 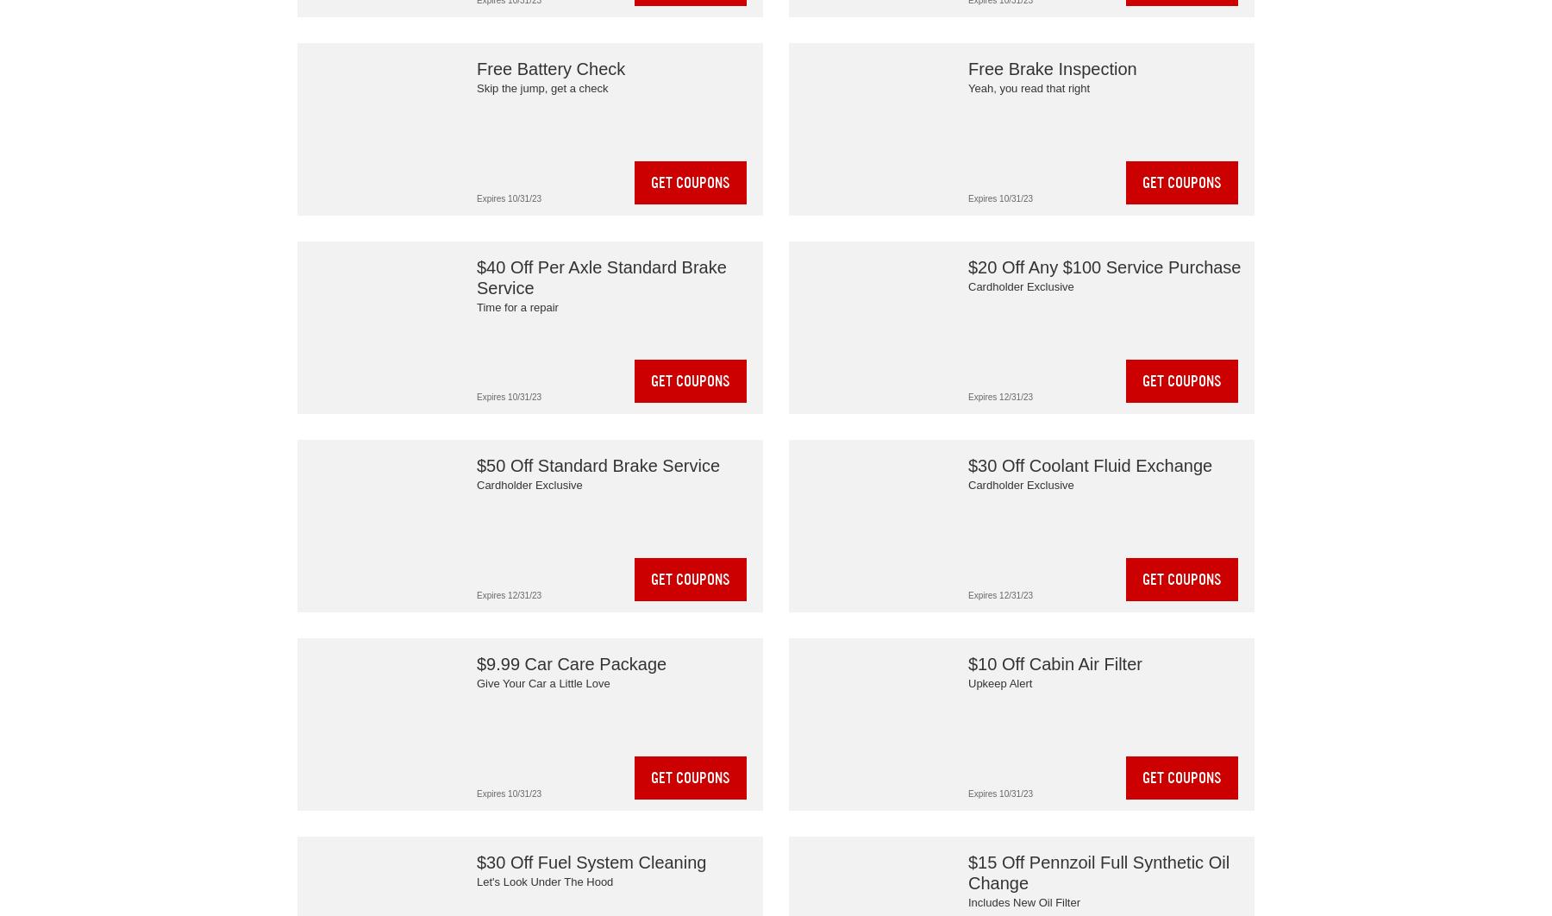 I want to click on '$30 Off  Coolant Fluid Exchange', so click(x=1090, y=466).